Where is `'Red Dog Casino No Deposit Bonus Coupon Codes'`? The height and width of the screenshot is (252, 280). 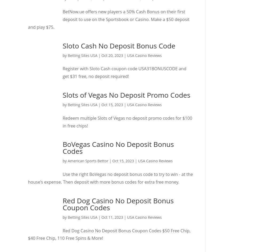 'Red Dog Casino No Deposit Bonus Coupon Codes' is located at coordinates (118, 204).